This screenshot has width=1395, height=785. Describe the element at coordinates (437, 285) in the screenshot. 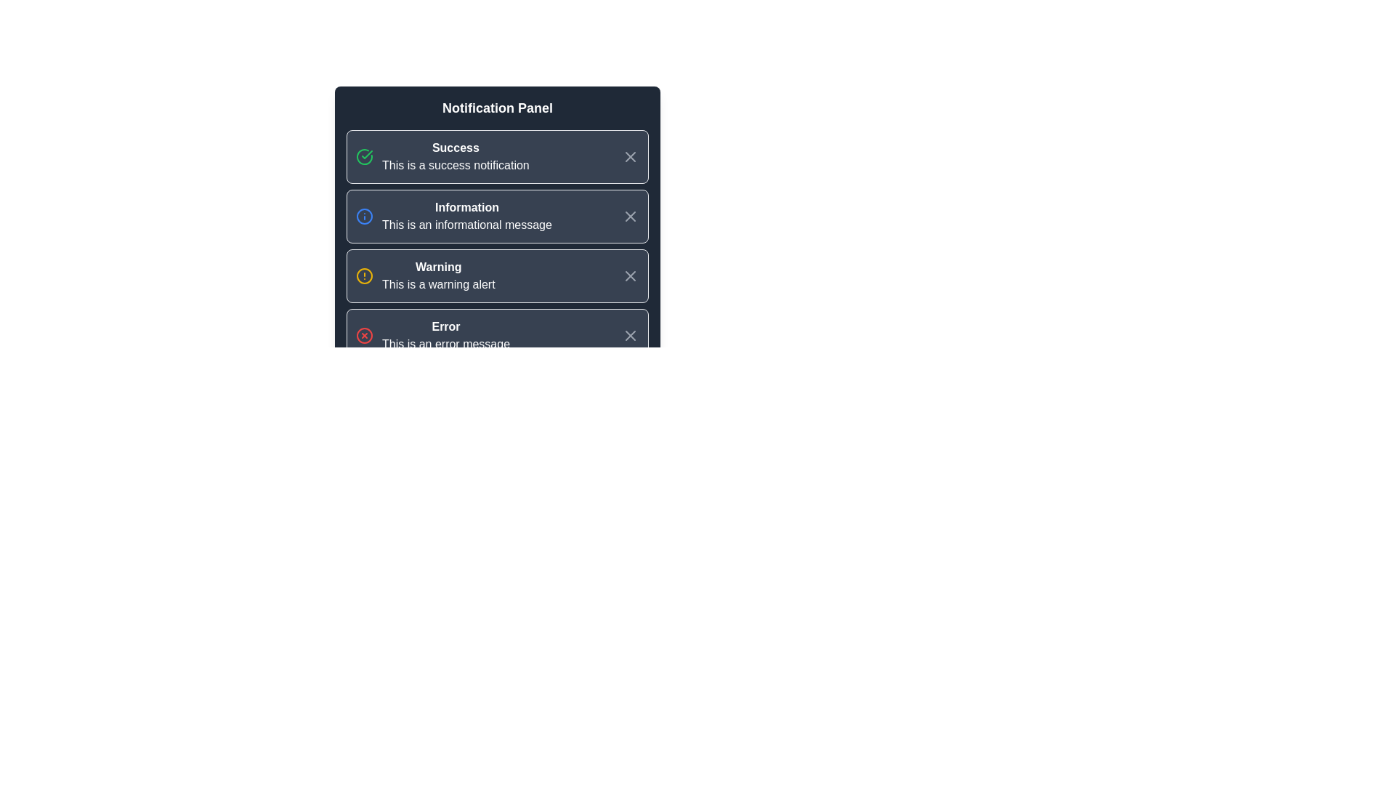

I see `the static text reading 'This is a warning alert' located in the third notification box of the 'Notification Panel', beneath the title 'Warning' and to the right of the orange exclamation icon` at that location.